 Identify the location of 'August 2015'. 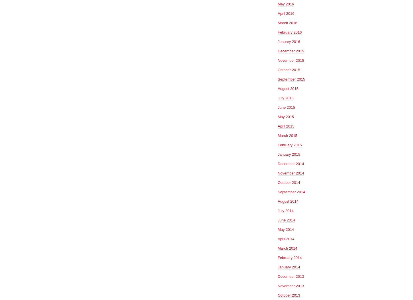
(288, 88).